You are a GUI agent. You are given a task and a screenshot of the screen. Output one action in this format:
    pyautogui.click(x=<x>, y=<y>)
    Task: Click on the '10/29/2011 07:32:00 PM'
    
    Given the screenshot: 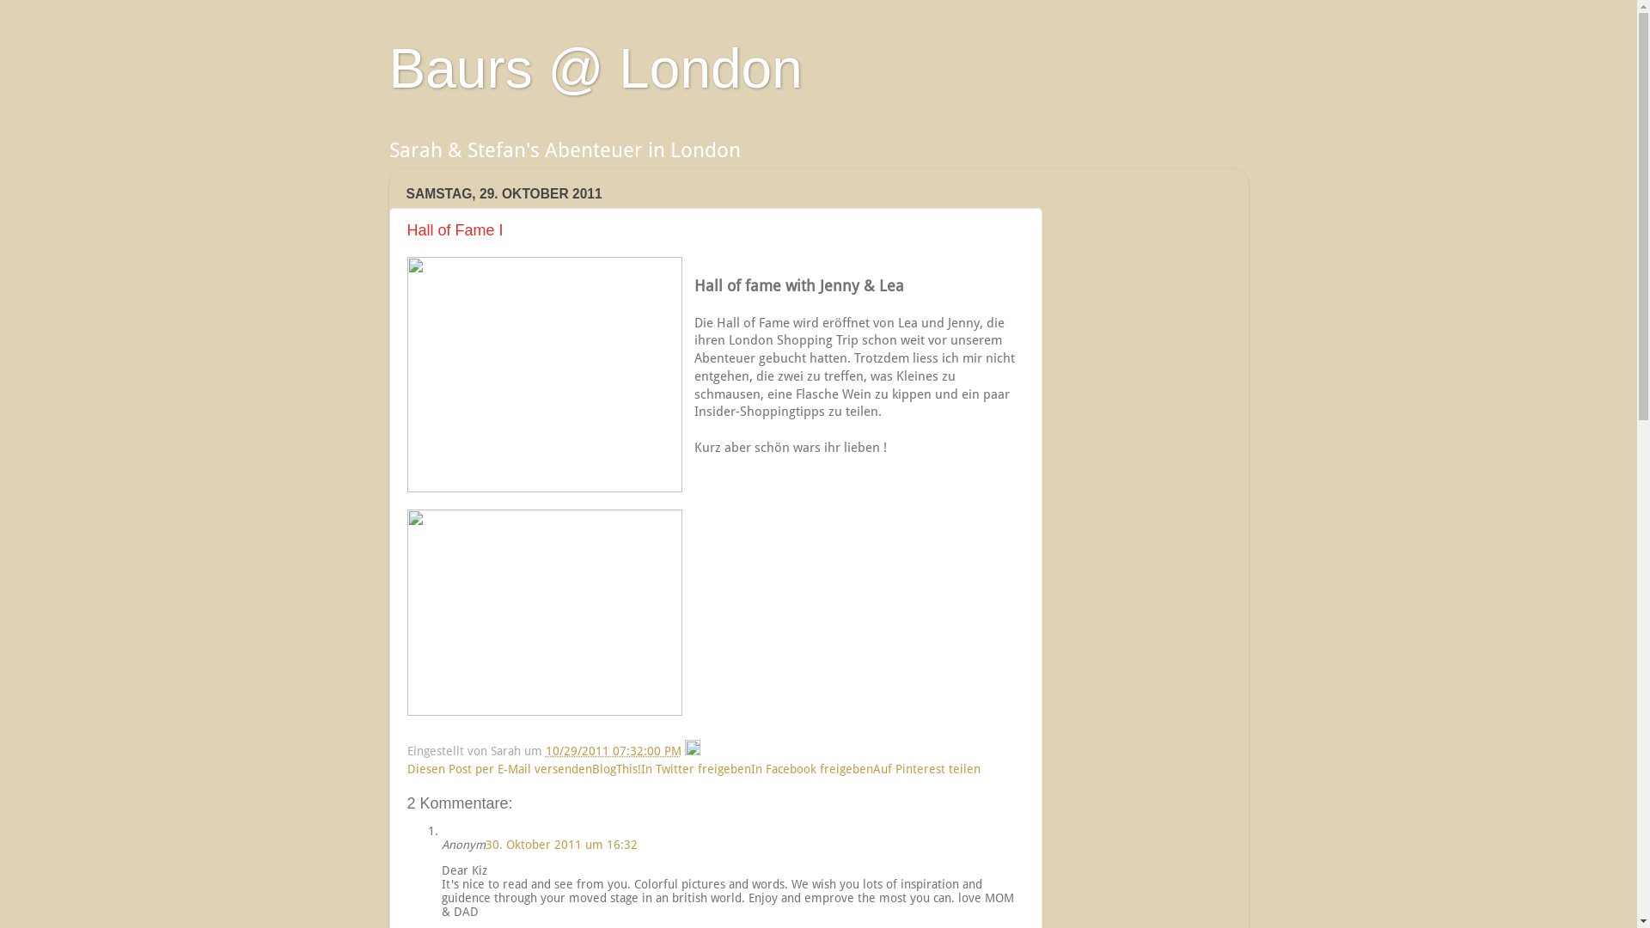 What is the action you would take?
    pyautogui.click(x=543, y=750)
    